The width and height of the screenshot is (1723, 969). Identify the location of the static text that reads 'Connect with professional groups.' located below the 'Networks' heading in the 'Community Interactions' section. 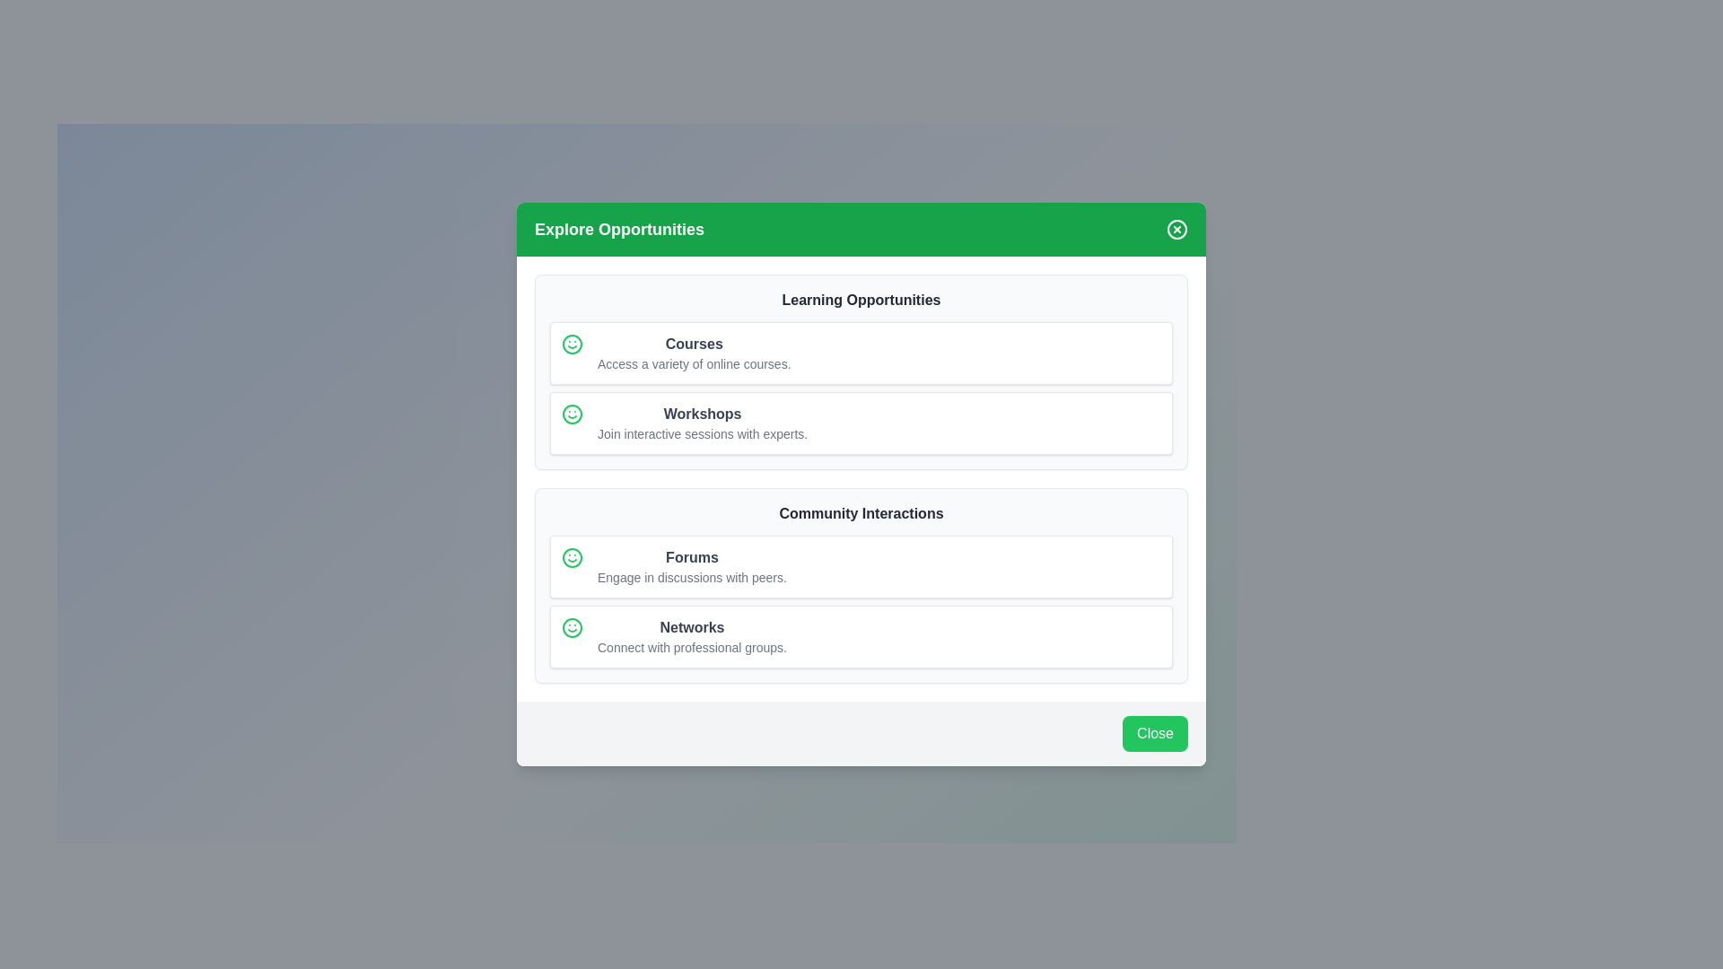
(691, 647).